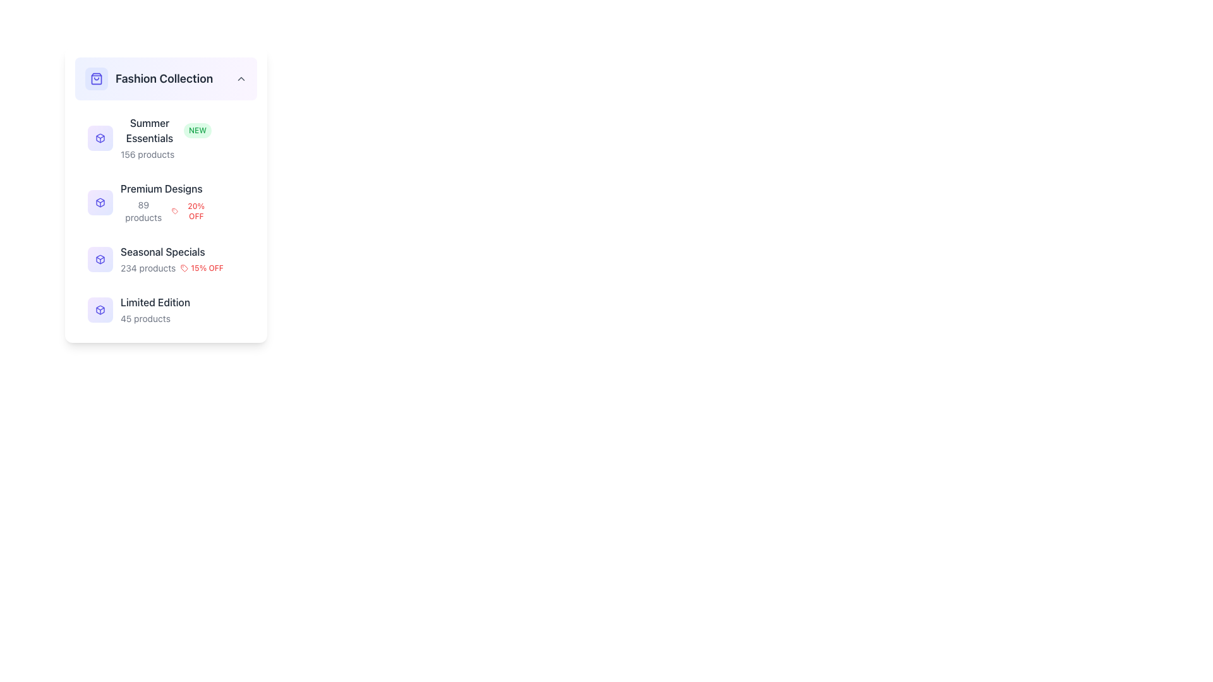 The height and width of the screenshot is (682, 1213). I want to click on the text label displaying '89 products' located below 'Premium Designs' and adjacent to the '20% OFF' badge, so click(143, 211).